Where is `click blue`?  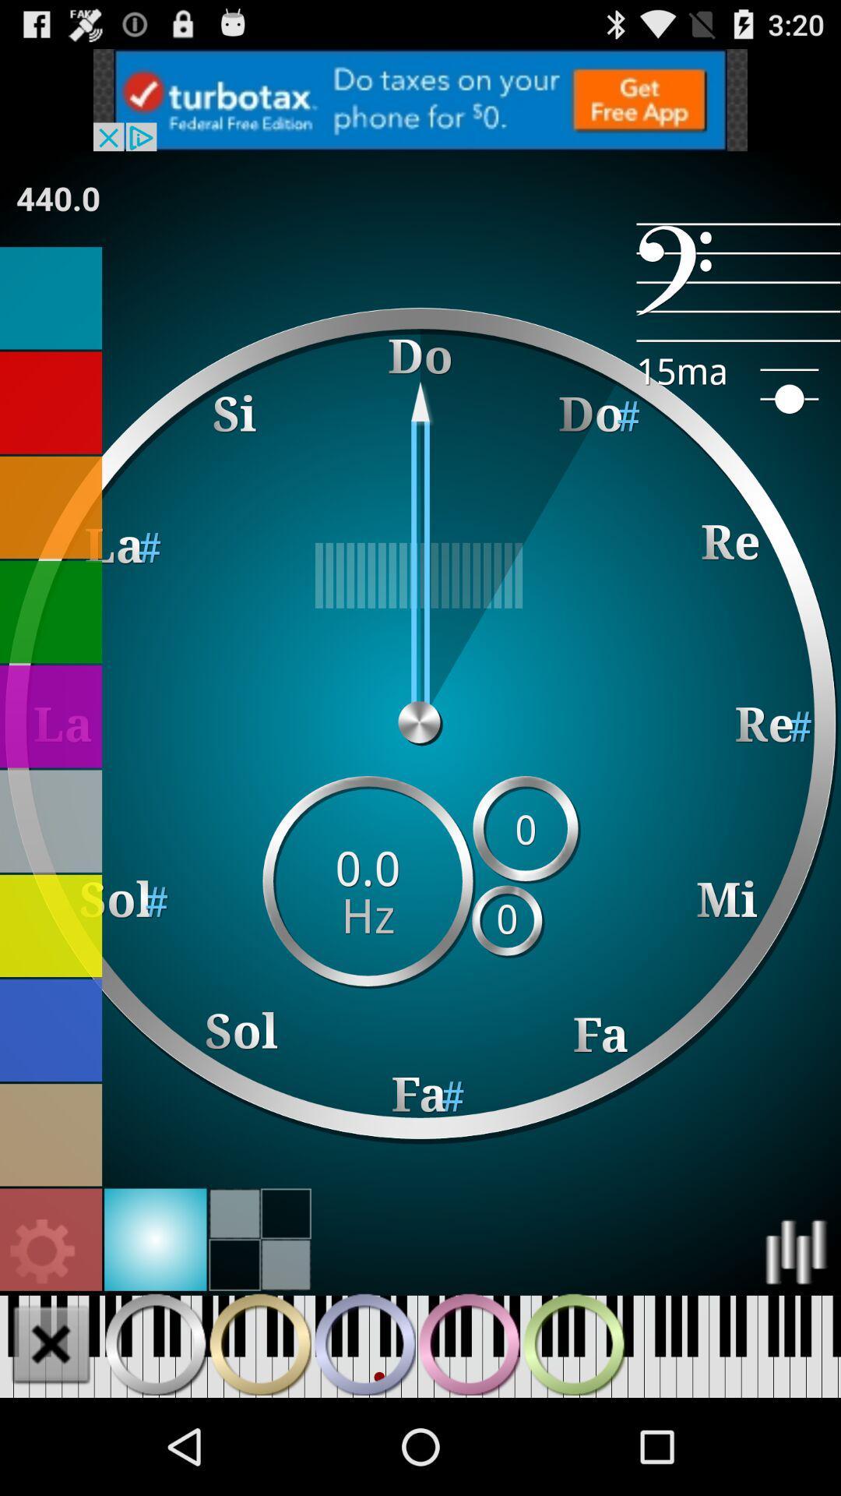
click blue is located at coordinates (50, 298).